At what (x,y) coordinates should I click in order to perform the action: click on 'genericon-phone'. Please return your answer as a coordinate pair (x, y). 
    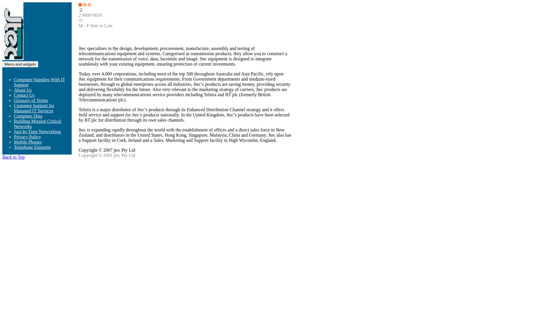
    Looking at the image, I should click on (78, 10).